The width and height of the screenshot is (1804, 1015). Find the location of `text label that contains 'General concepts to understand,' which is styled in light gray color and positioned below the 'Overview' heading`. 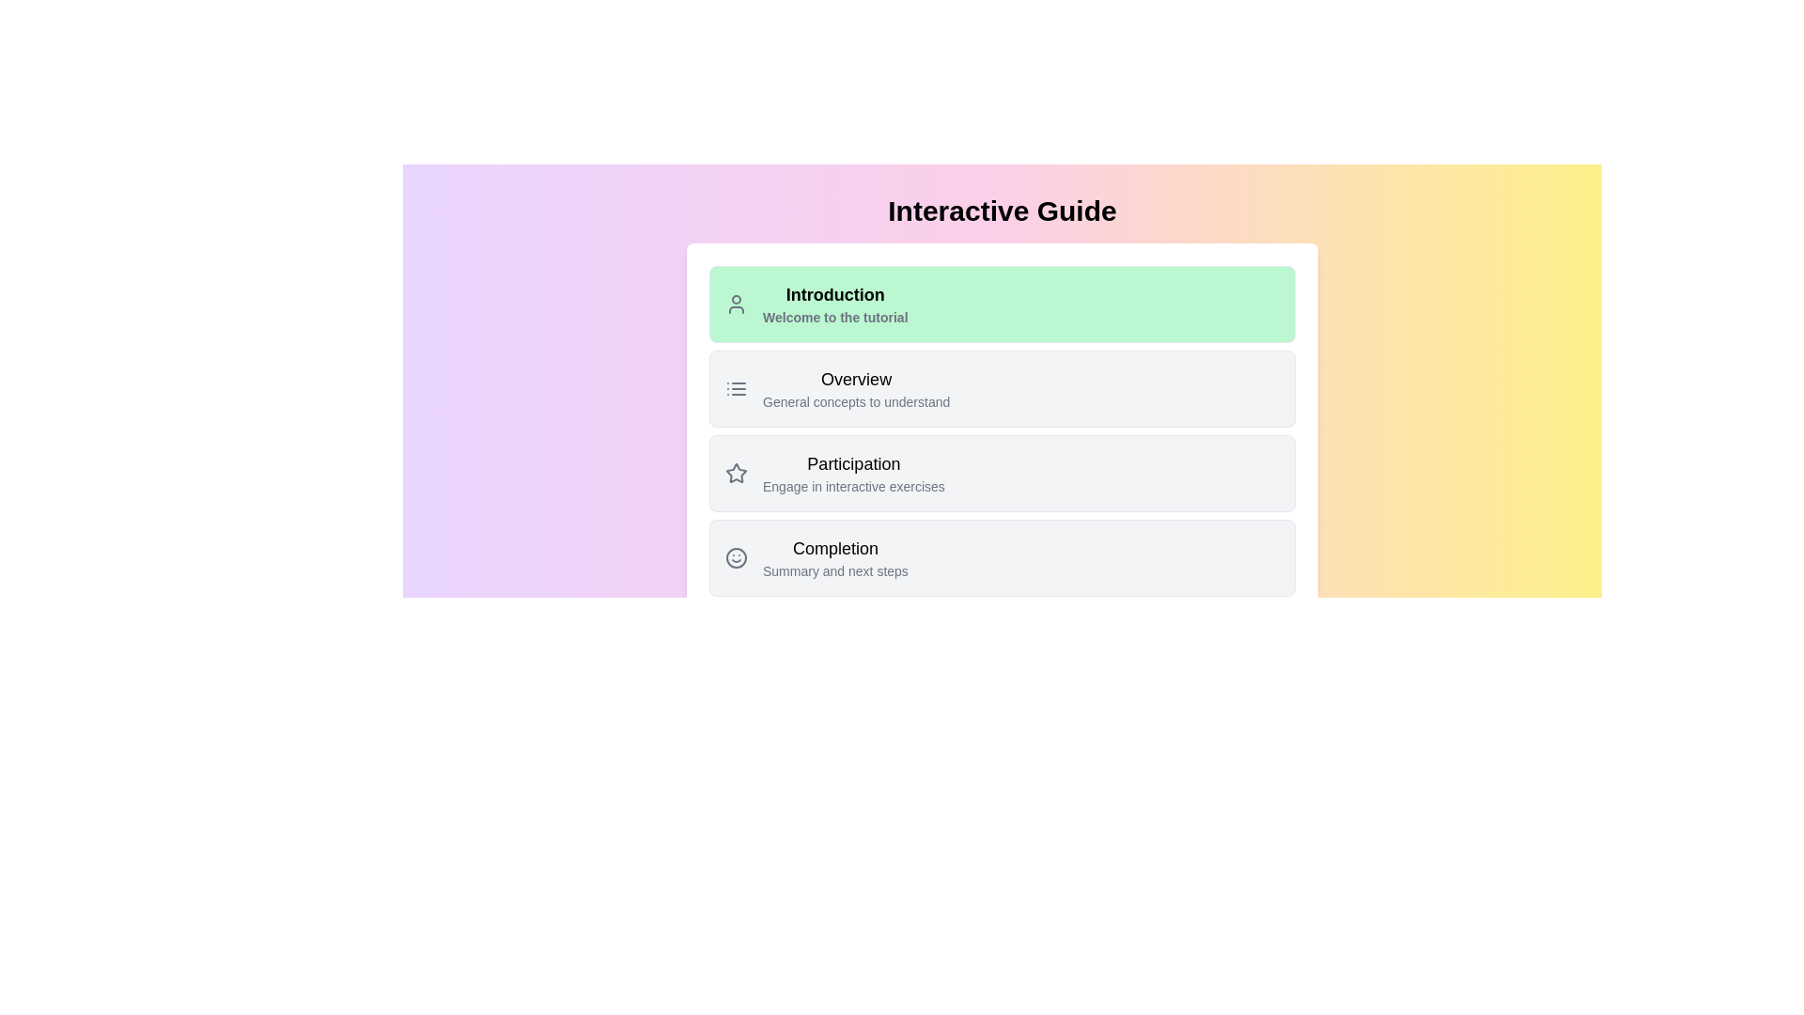

text label that contains 'General concepts to understand,' which is styled in light gray color and positioned below the 'Overview' heading is located at coordinates (855, 401).